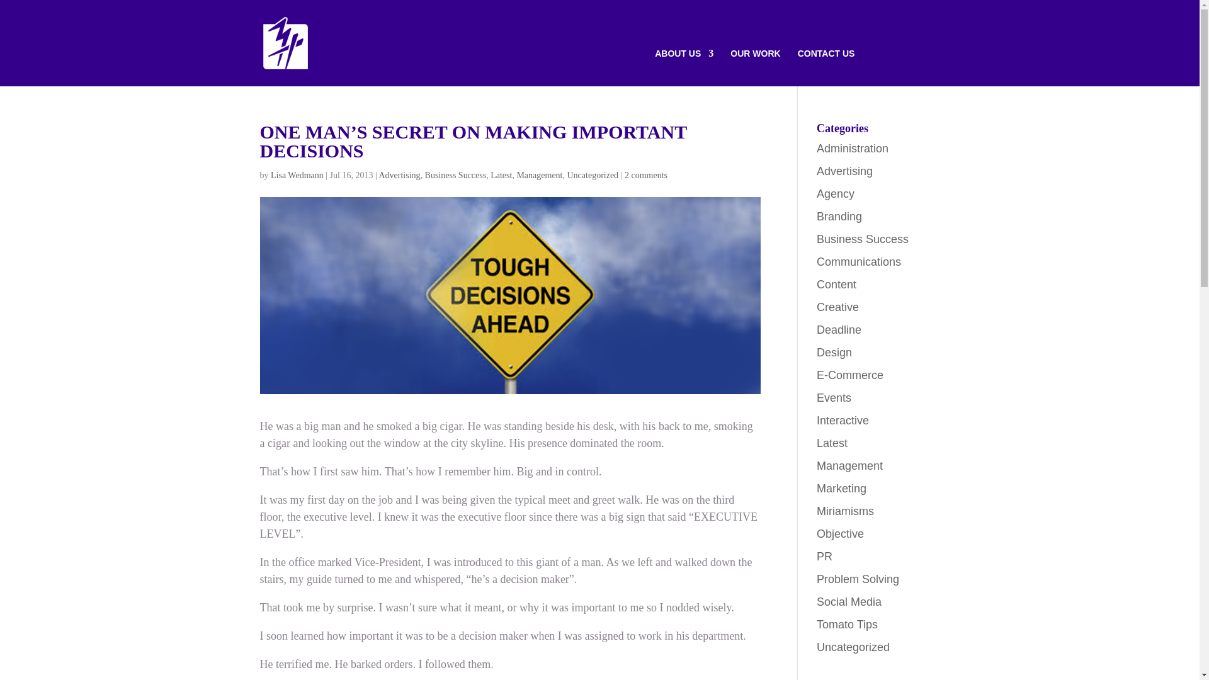 This screenshot has height=680, width=1209. I want to click on 'Marketing', so click(841, 488).